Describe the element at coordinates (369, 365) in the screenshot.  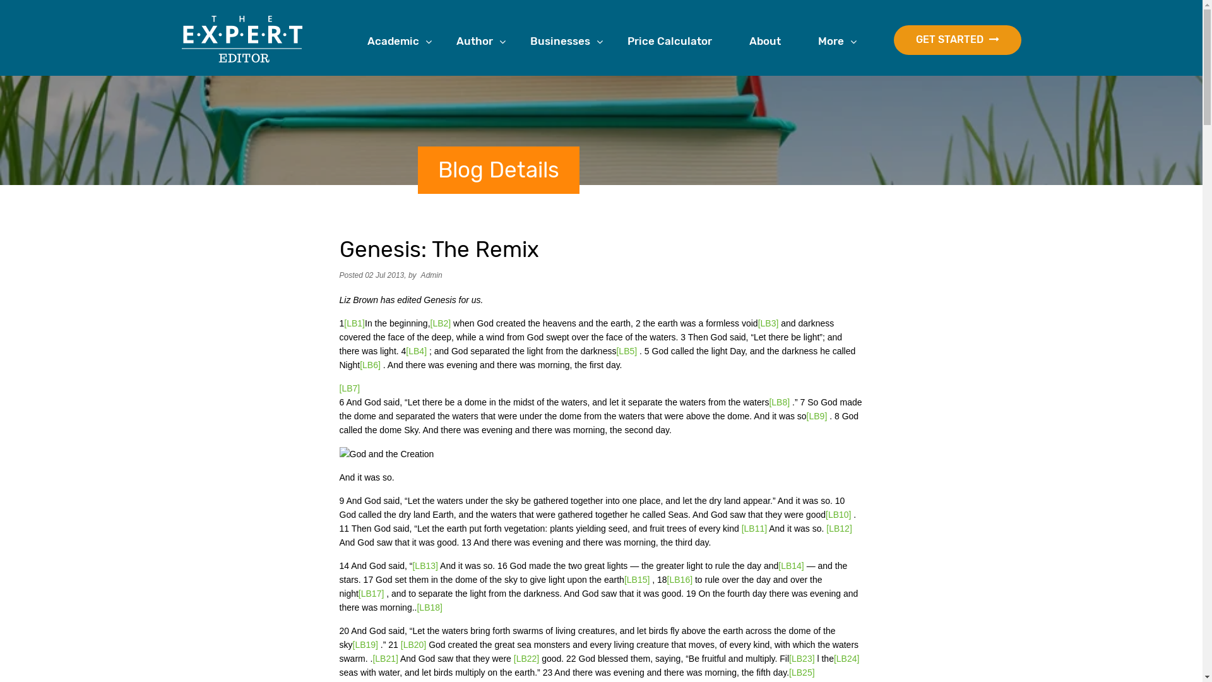
I see `'[LB6]'` at that location.